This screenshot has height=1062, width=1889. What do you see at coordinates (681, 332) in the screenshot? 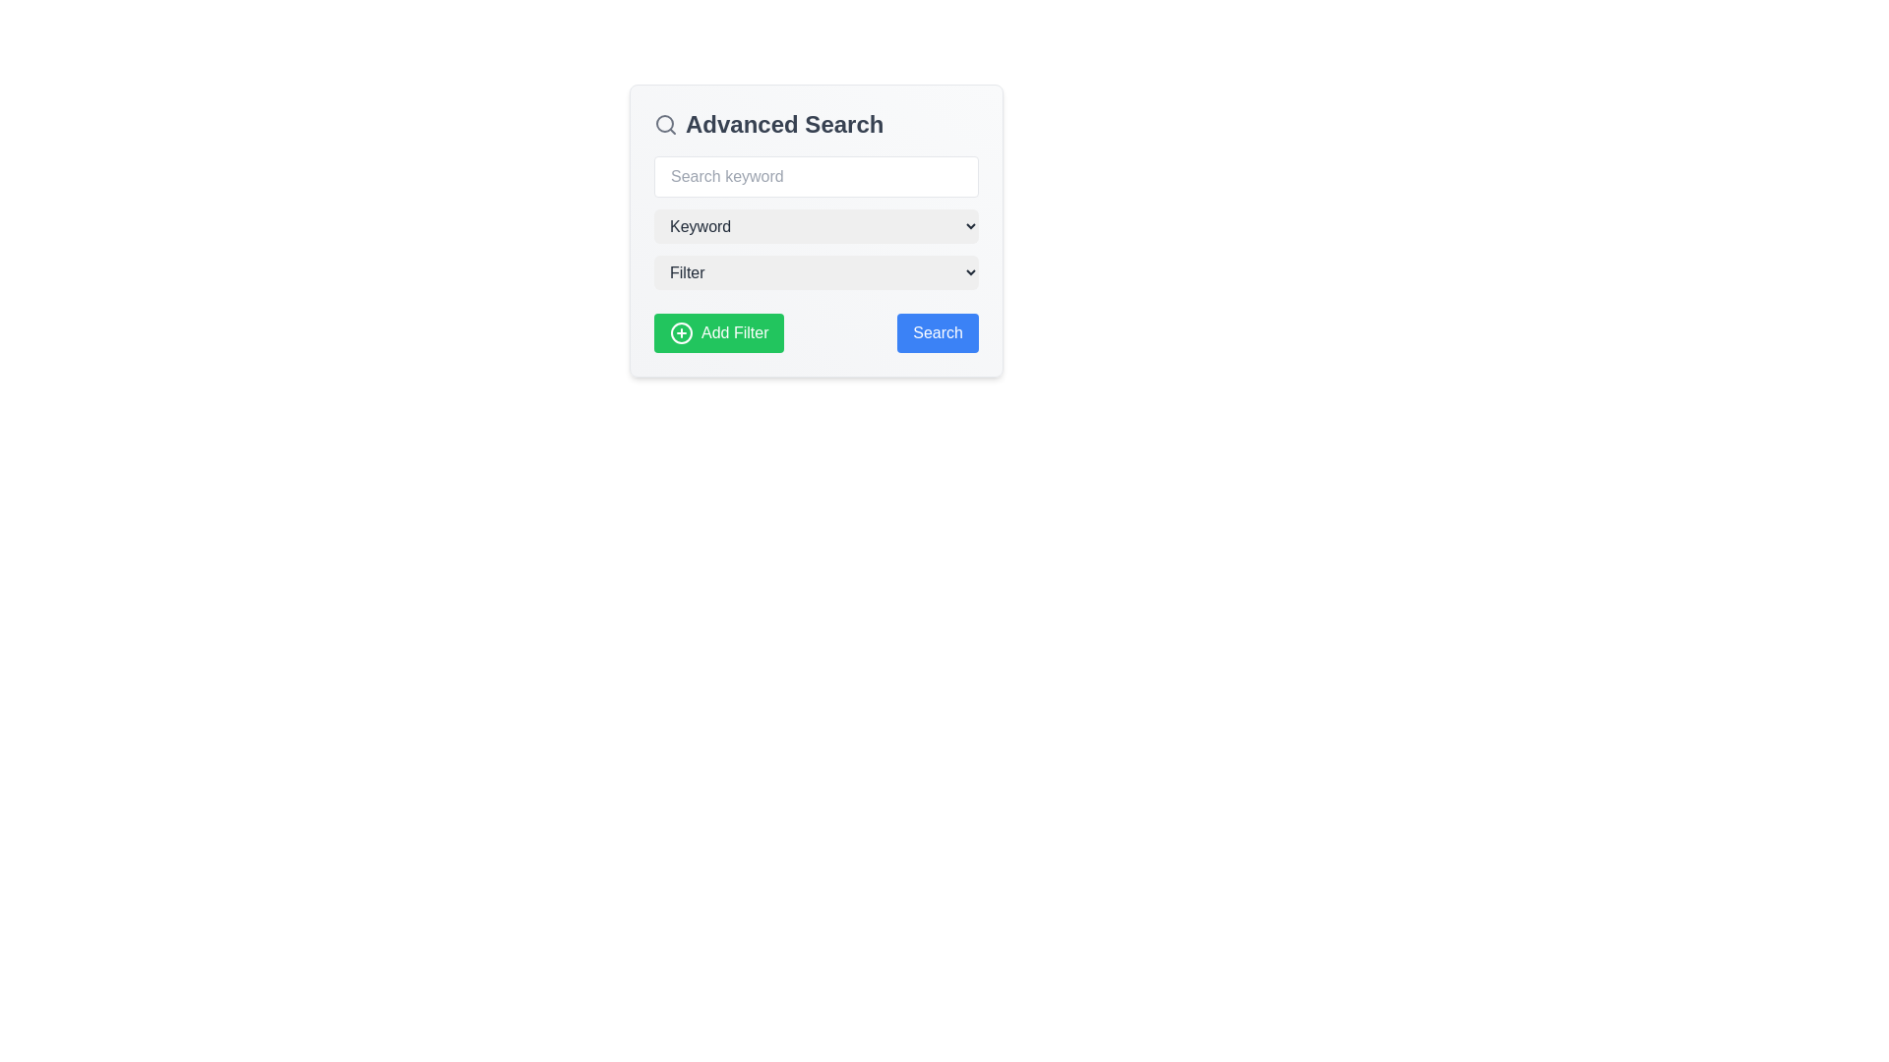
I see `the circular 'plus' icon that is enclosed within the green rounded button labeled 'Add Filter'` at bounding box center [681, 332].